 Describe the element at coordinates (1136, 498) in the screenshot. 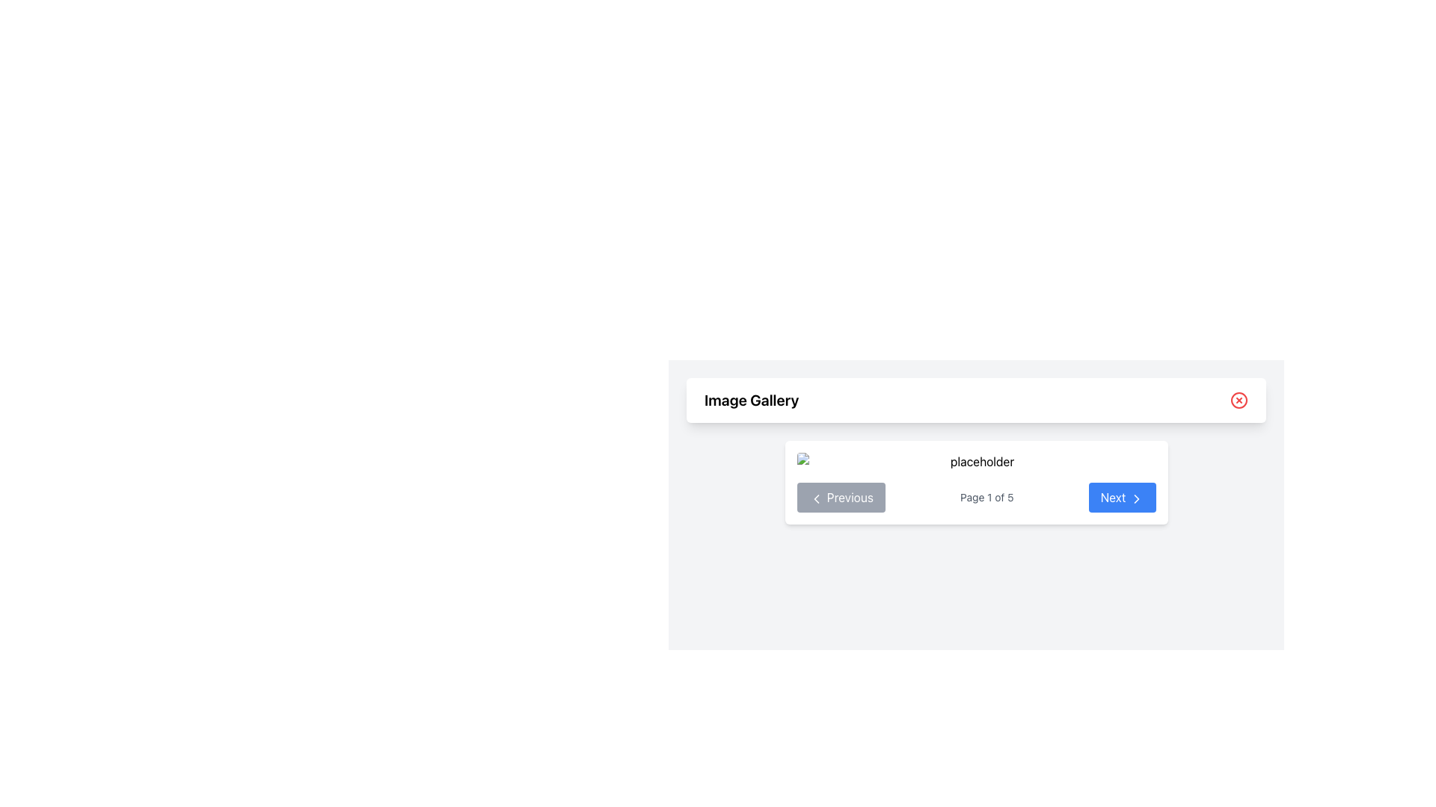

I see `the right-facing arrow symbol, which is a geometric chevron shape located within the 'Next' button in the lower-right part of the application's interface` at that location.